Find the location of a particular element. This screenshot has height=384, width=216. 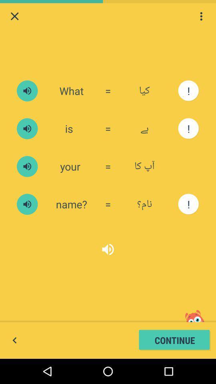

the volume icon is located at coordinates (27, 97).